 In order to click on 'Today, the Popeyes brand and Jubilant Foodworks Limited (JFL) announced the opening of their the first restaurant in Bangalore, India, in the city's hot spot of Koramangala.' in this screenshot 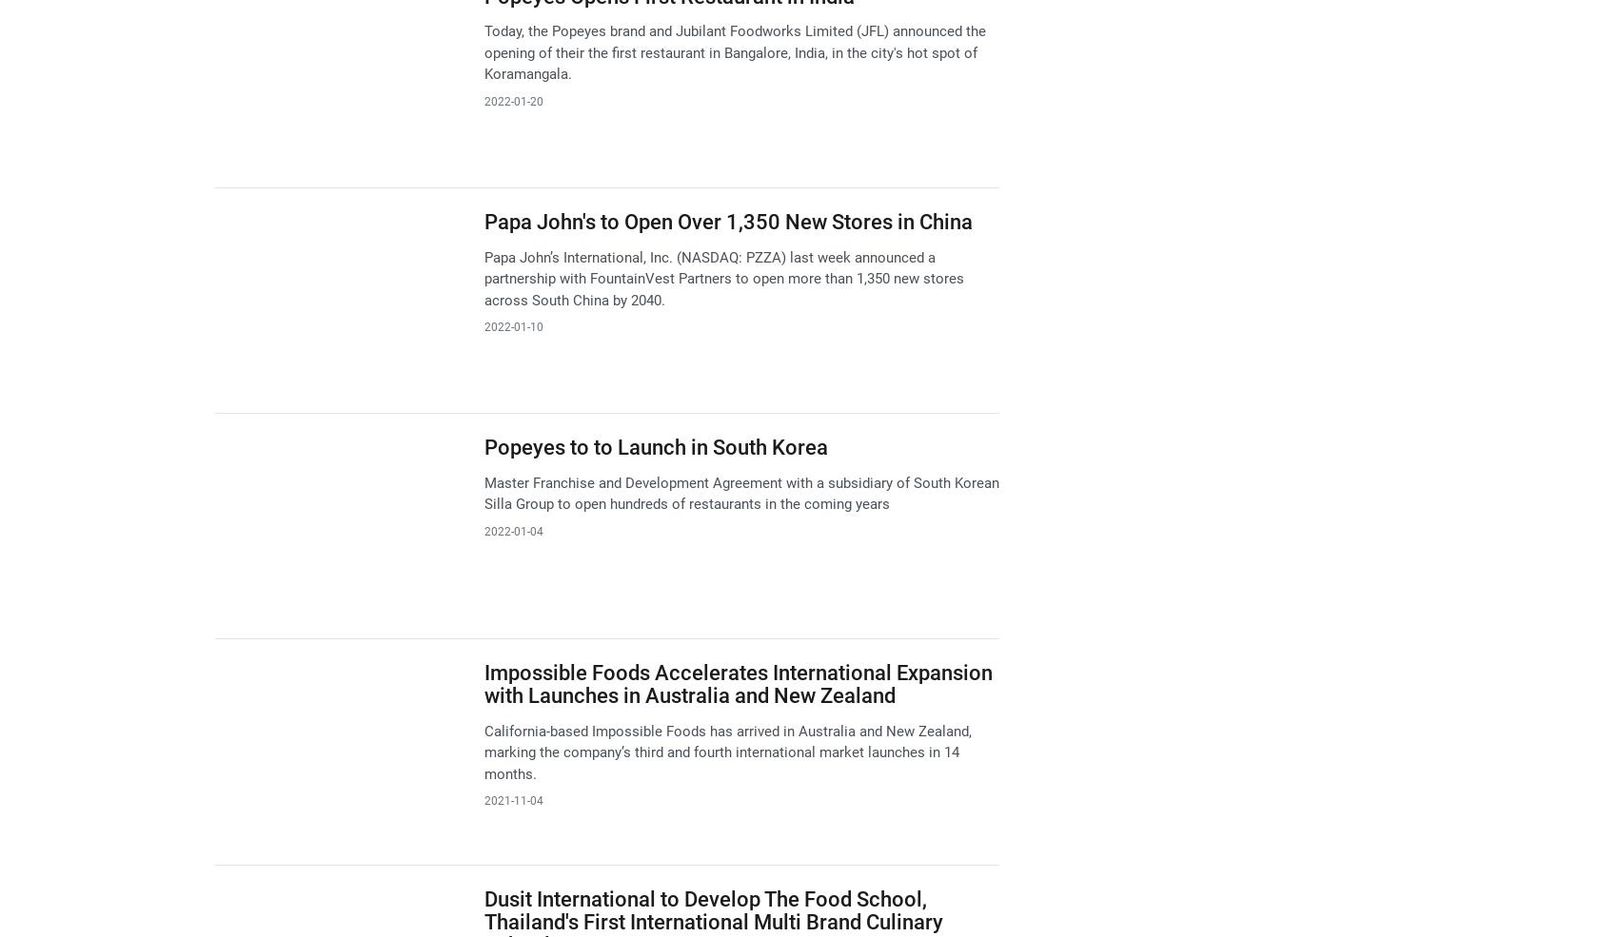, I will do `click(733, 51)`.